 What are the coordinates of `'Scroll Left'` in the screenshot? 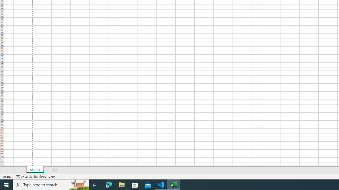 It's located at (8, 170).